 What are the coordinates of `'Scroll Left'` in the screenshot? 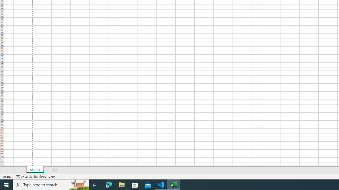 It's located at (8, 170).